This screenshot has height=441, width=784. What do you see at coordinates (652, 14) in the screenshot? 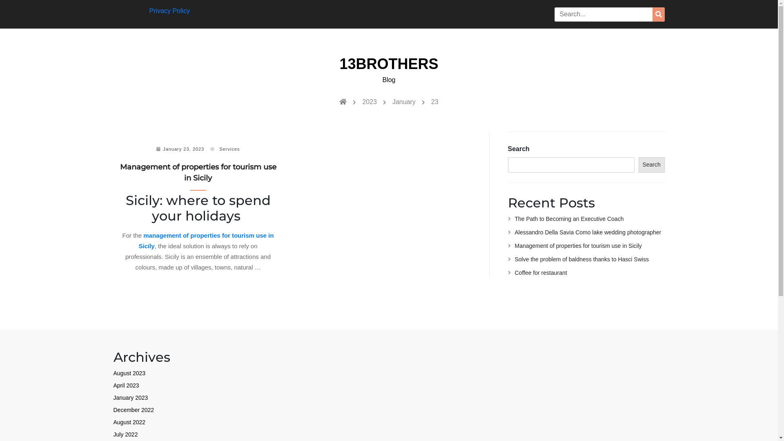
I see `'Search'` at bounding box center [652, 14].